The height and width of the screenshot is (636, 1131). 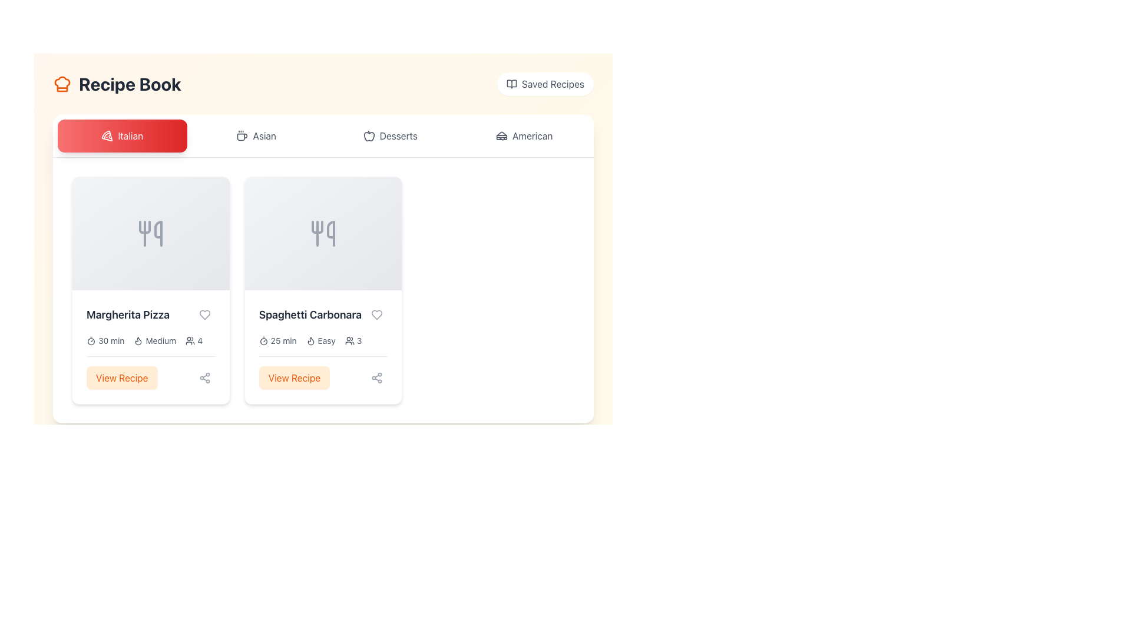 I want to click on the 'Medium' difficulty level text within the 'Margherita Pizza' card, located between the '30 min' and '4' details, so click(x=154, y=340).